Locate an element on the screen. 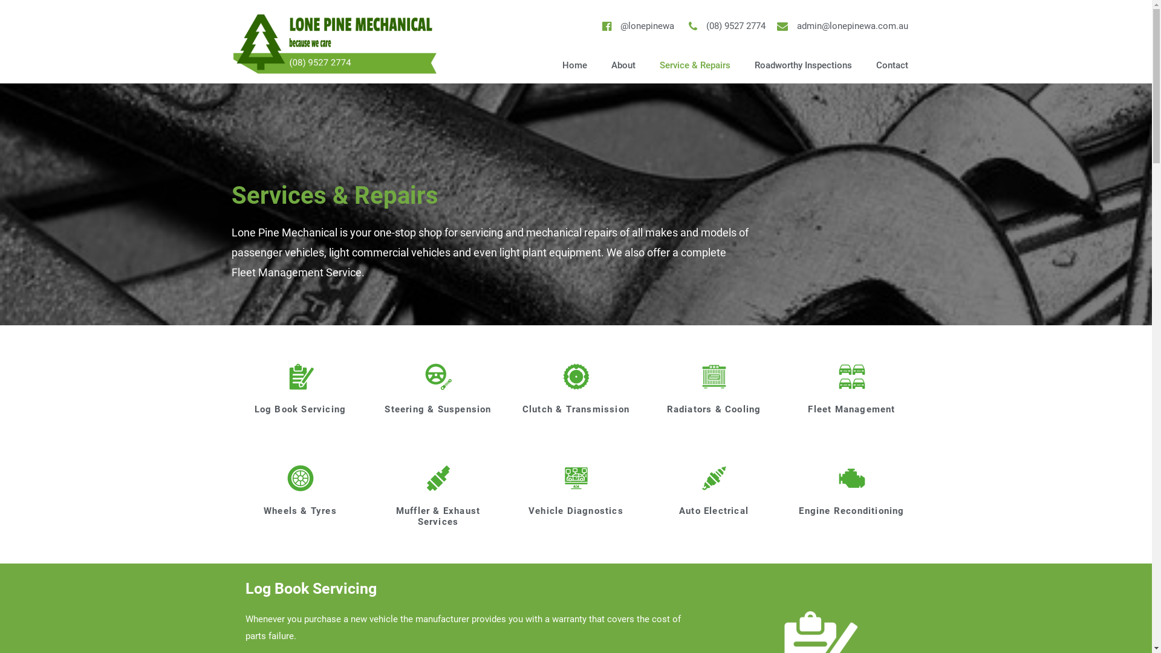  'Home' is located at coordinates (574, 65).